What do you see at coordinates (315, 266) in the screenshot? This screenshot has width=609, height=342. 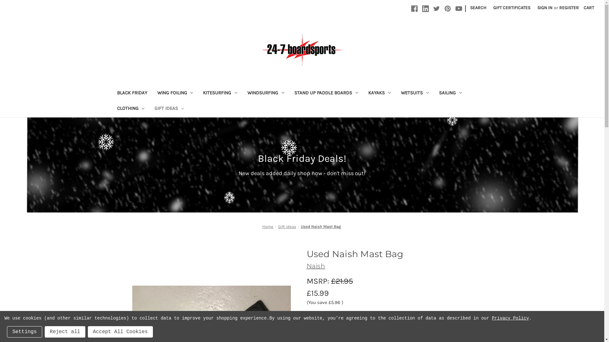 I see `'Naish'` at bounding box center [315, 266].